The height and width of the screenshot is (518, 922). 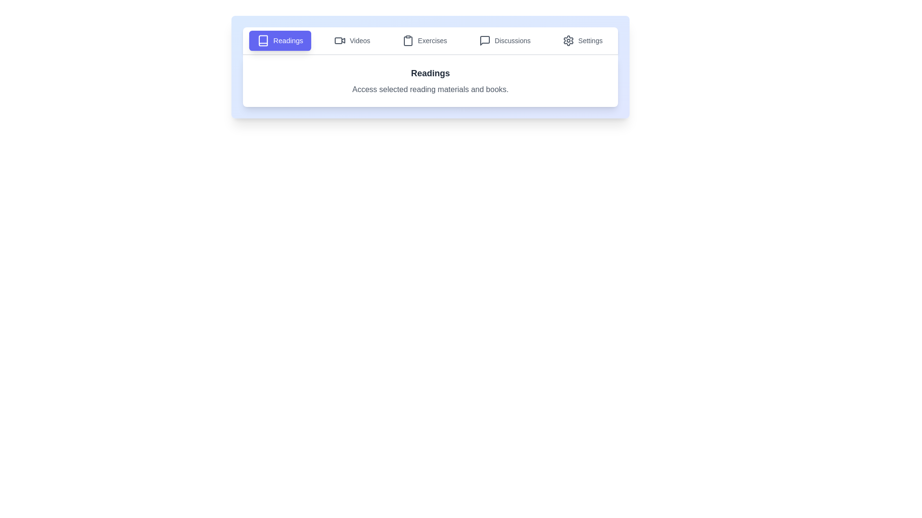 I want to click on the Settings tab to view its content, so click(x=582, y=40).